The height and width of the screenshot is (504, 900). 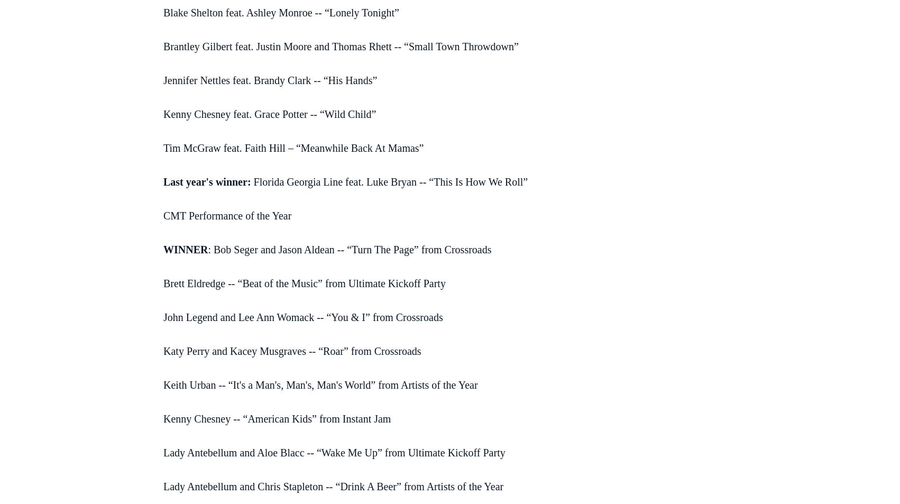 I want to click on 'Keith Urban -- “It's a Man's, Man's, Man's World” from Artists of the Year', so click(x=320, y=384).